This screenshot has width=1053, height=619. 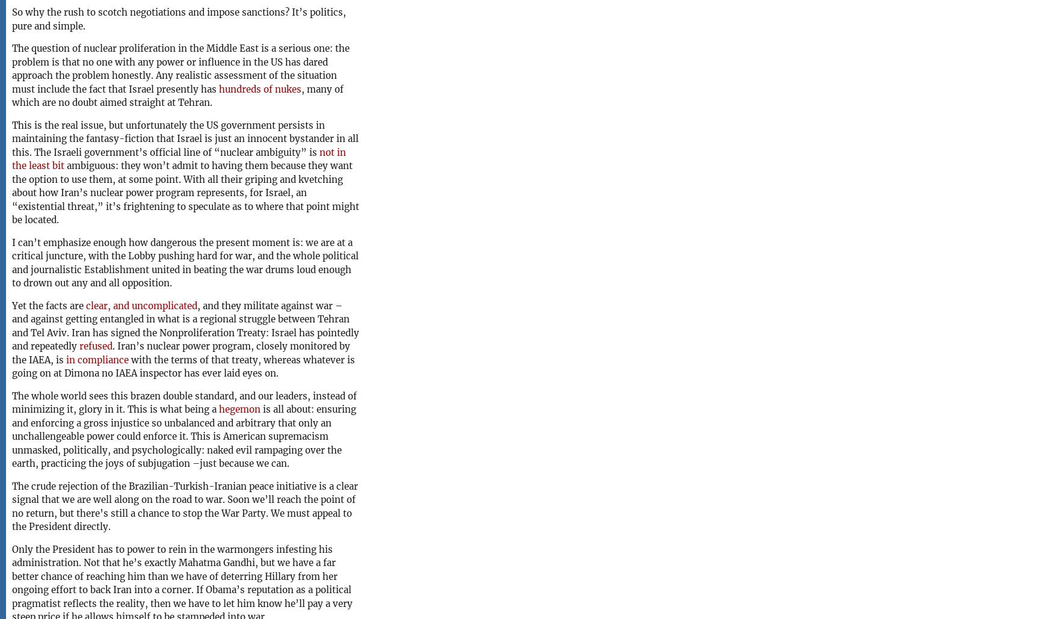 What do you see at coordinates (177, 95) in the screenshot?
I see `', many of which are no doubt aimed

straight at Tehran.'` at bounding box center [177, 95].